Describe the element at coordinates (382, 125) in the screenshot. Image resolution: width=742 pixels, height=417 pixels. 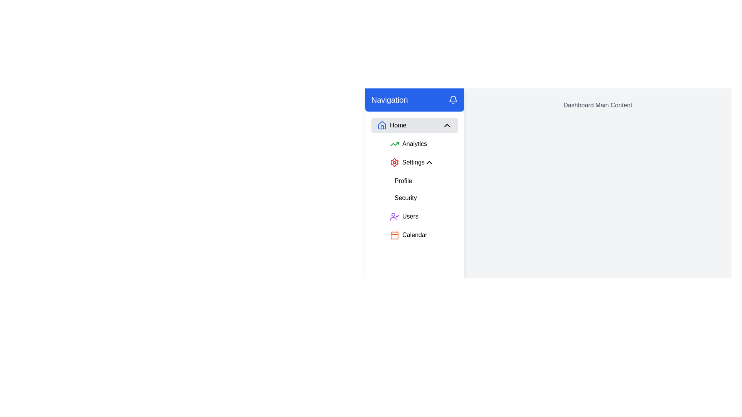
I see `the blue house icon indicating the 'Home' feature located in the navigation panel on the left edge of the application interface` at that location.